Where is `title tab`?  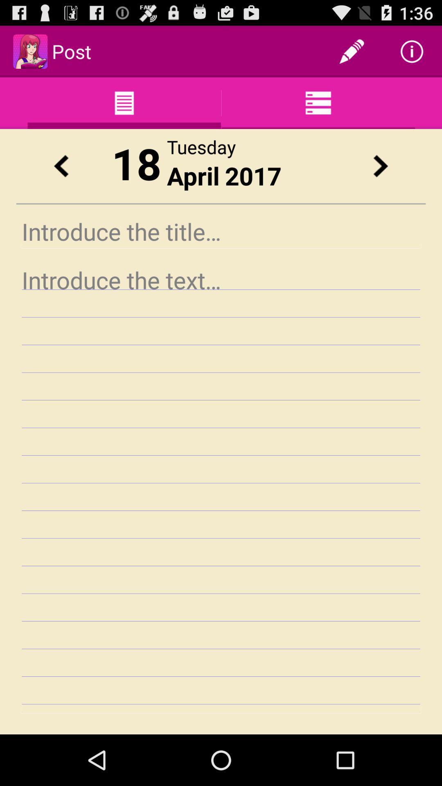
title tab is located at coordinates (221, 231).